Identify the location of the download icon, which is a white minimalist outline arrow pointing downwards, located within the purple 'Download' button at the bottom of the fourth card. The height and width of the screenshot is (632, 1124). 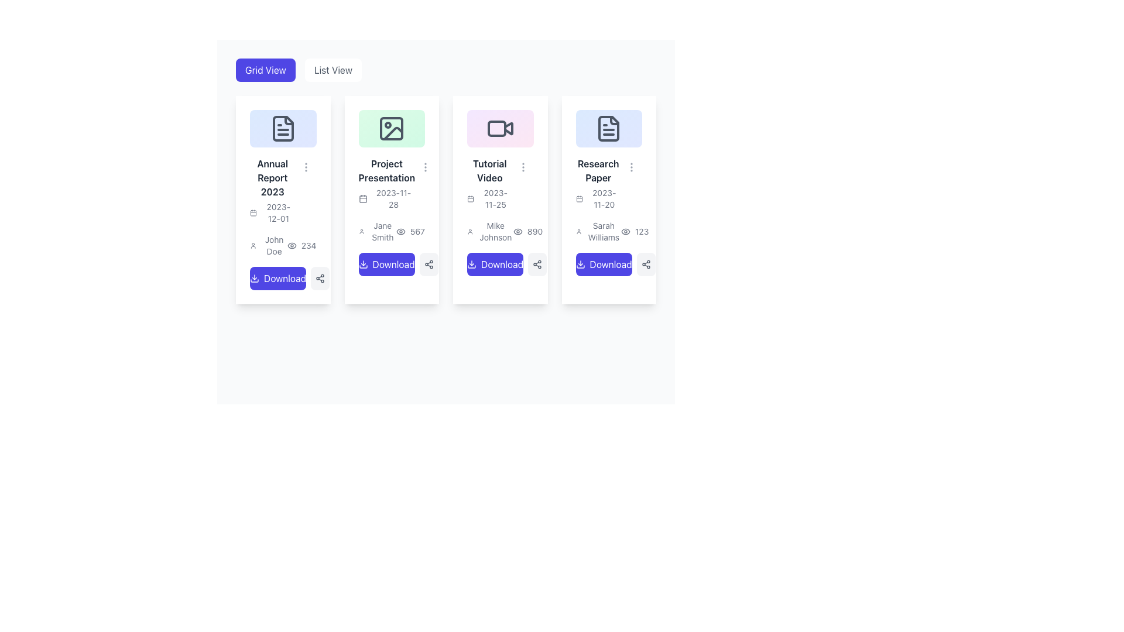
(580, 264).